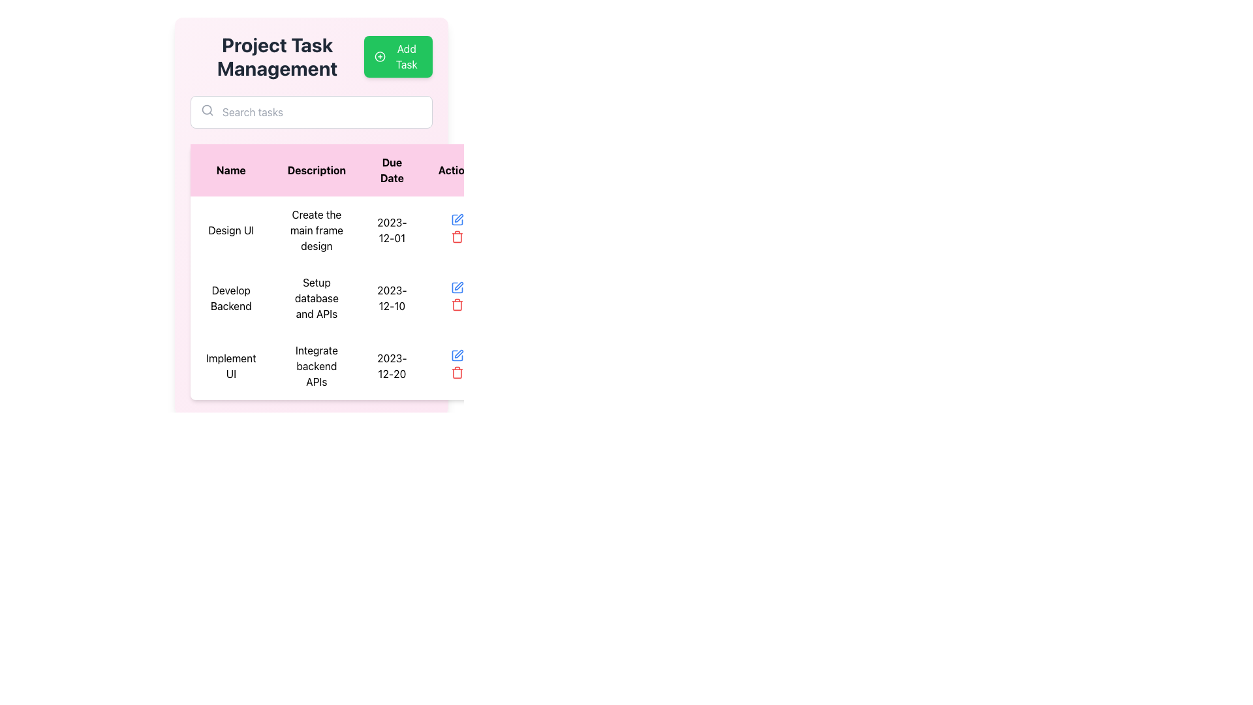 Image resolution: width=1253 pixels, height=705 pixels. I want to click on the bold text header labeled 'Project Task Management', which is styled in large dark gray font and centered at the top of the interface, so click(277, 56).